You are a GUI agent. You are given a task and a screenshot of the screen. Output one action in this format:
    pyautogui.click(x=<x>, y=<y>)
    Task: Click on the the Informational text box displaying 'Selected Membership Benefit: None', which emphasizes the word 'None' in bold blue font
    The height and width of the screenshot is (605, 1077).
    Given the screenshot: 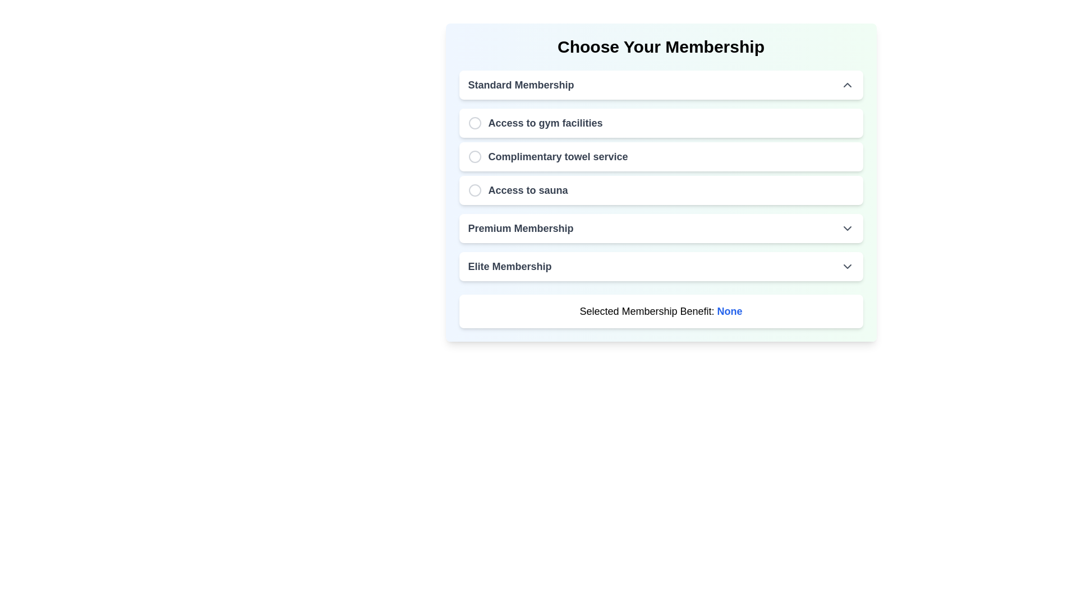 What is the action you would take?
    pyautogui.click(x=661, y=311)
    